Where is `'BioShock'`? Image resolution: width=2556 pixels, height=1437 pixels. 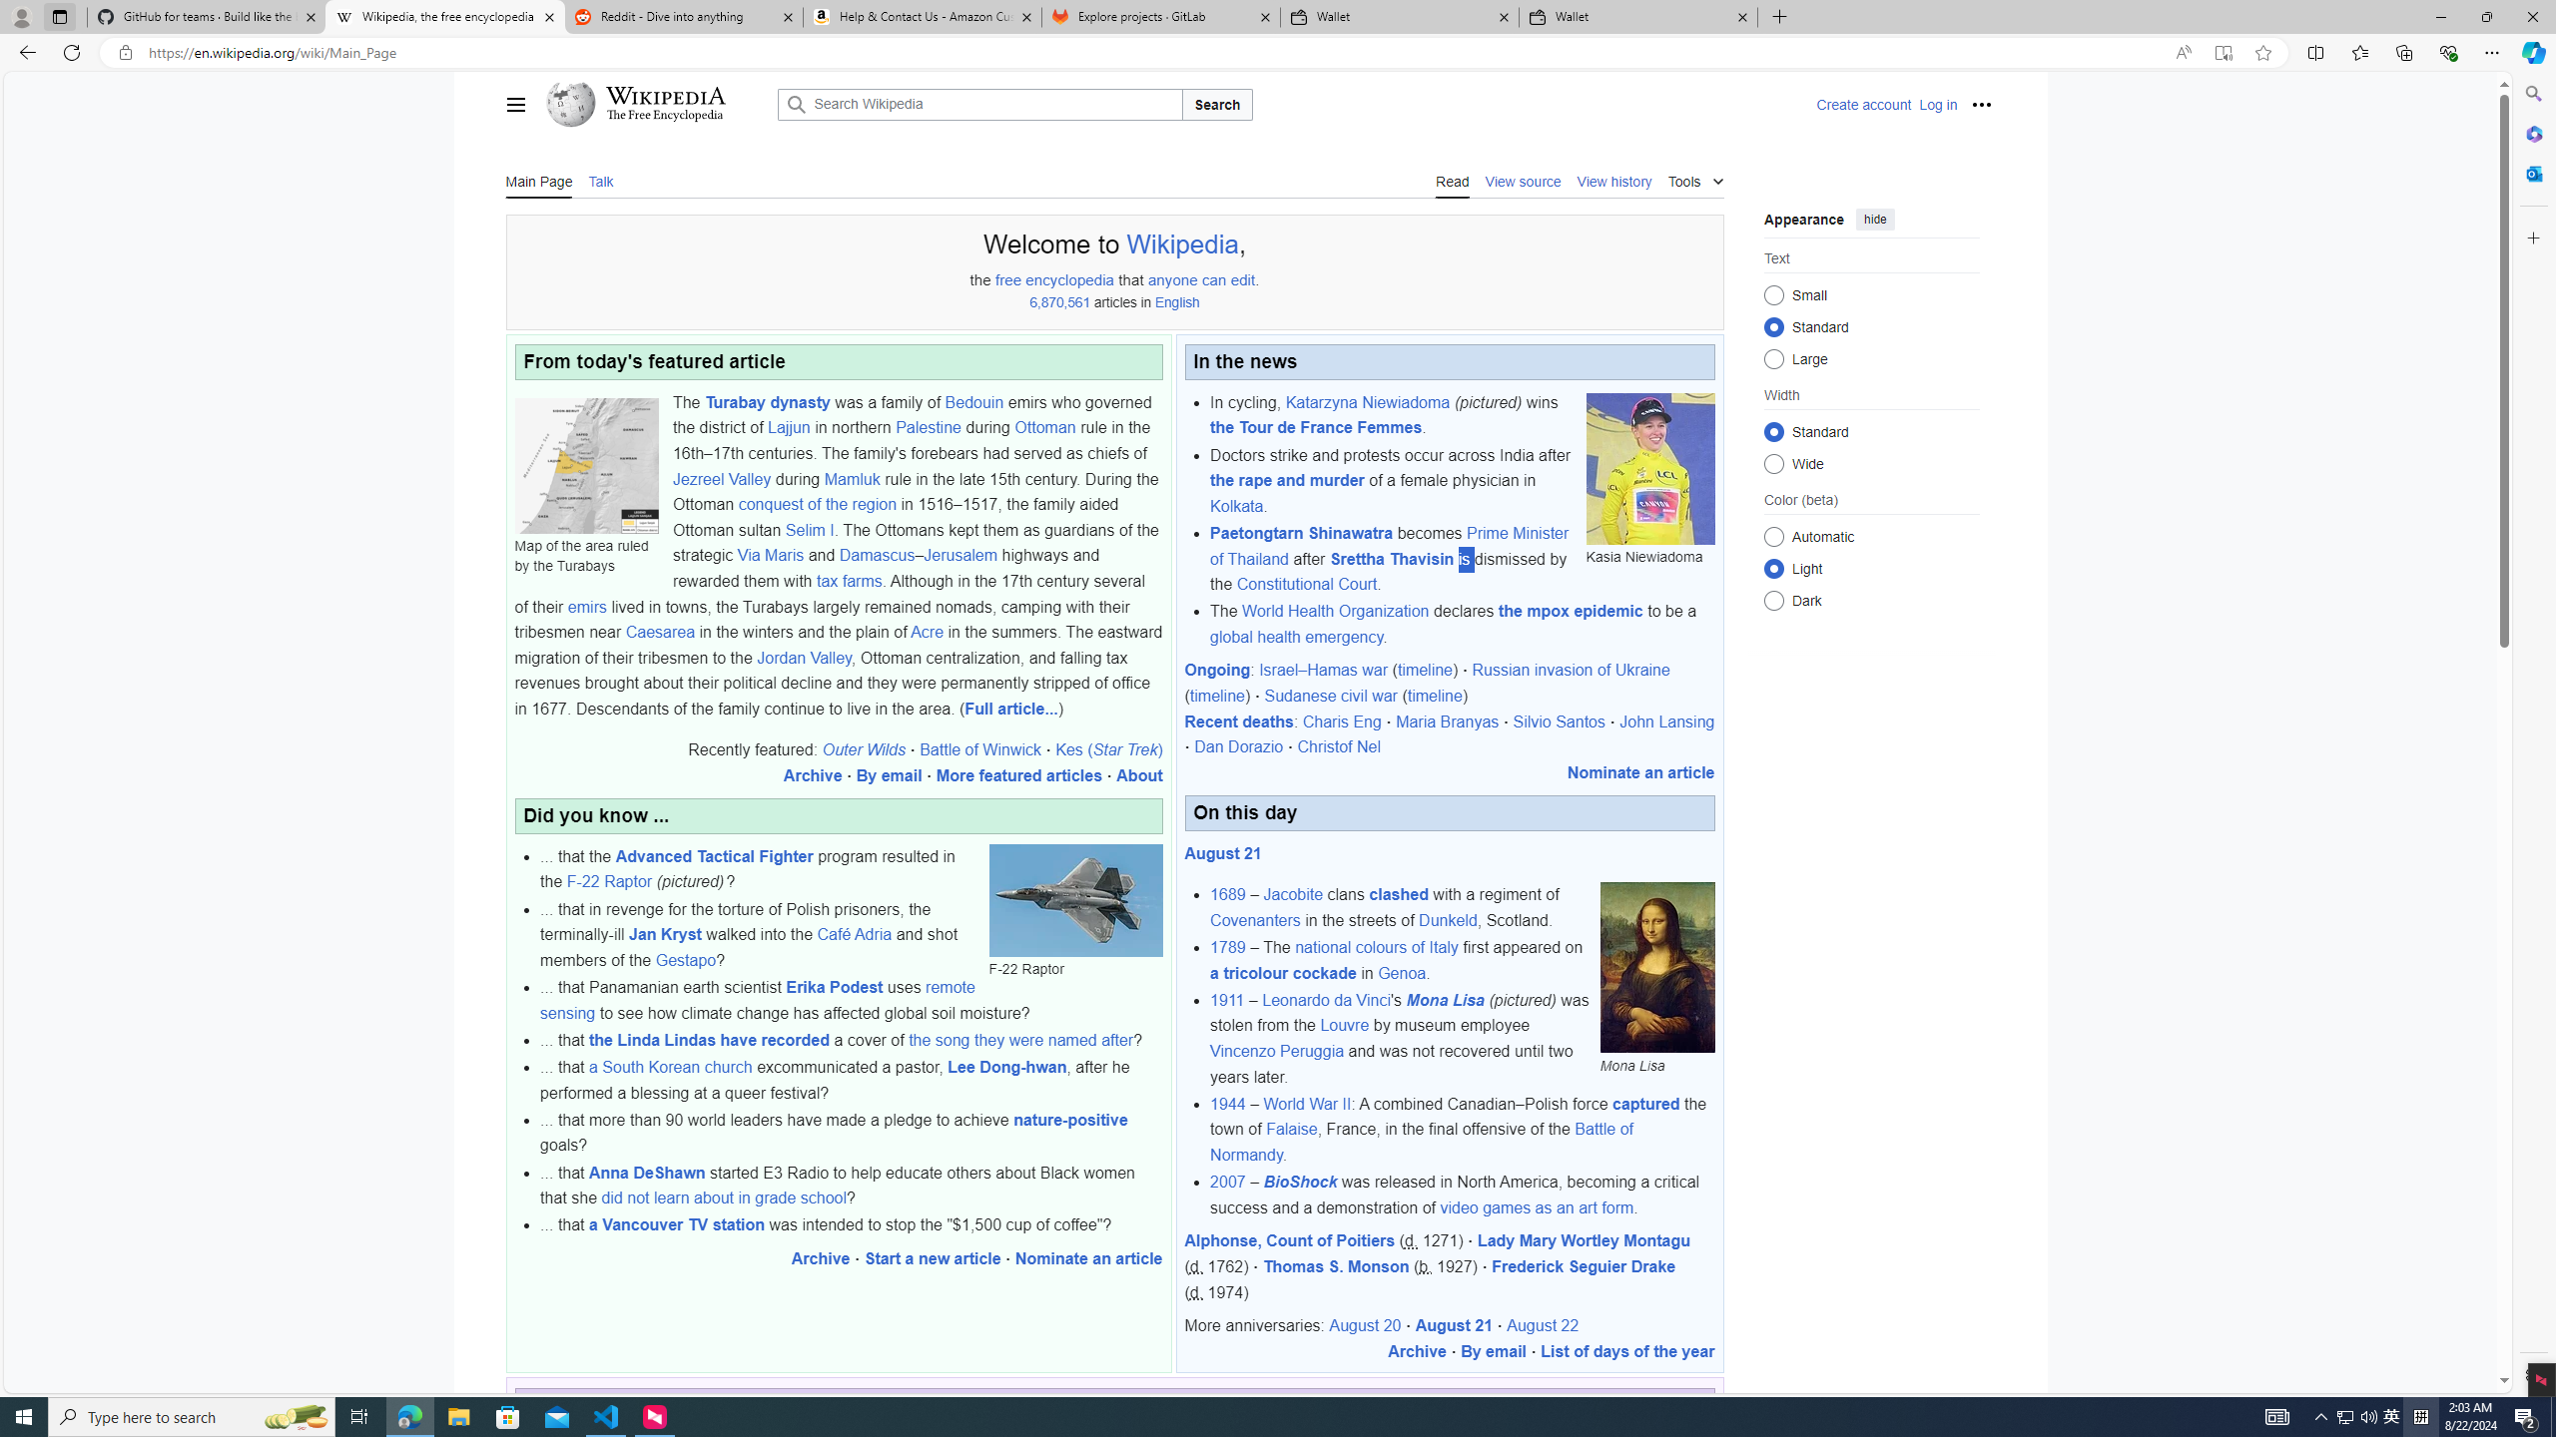 'BioShock' is located at coordinates (1298, 1182).